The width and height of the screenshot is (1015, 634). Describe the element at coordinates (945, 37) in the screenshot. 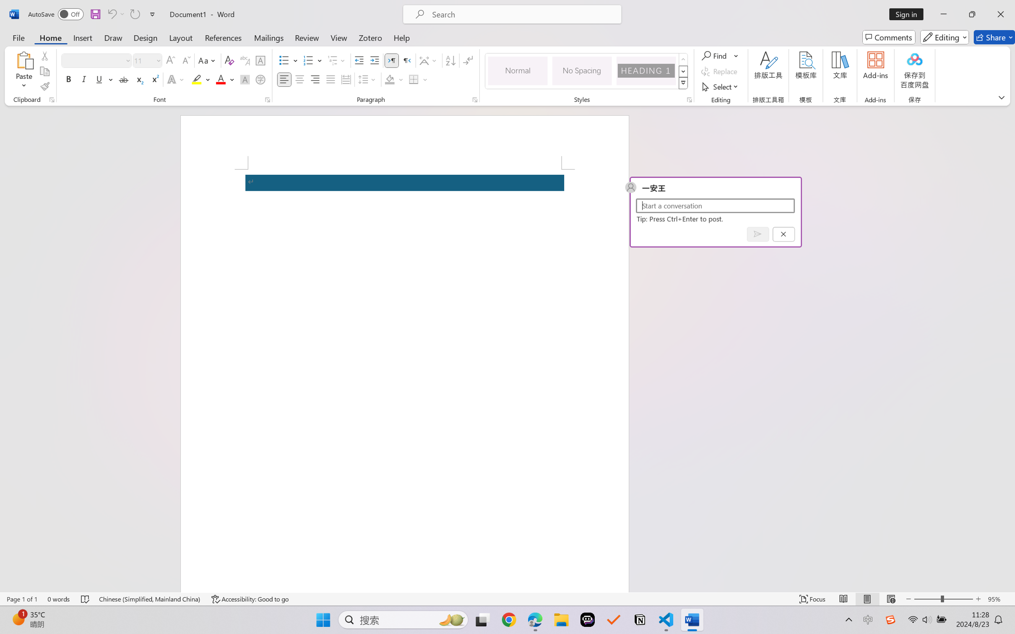

I see `'Editing'` at that location.